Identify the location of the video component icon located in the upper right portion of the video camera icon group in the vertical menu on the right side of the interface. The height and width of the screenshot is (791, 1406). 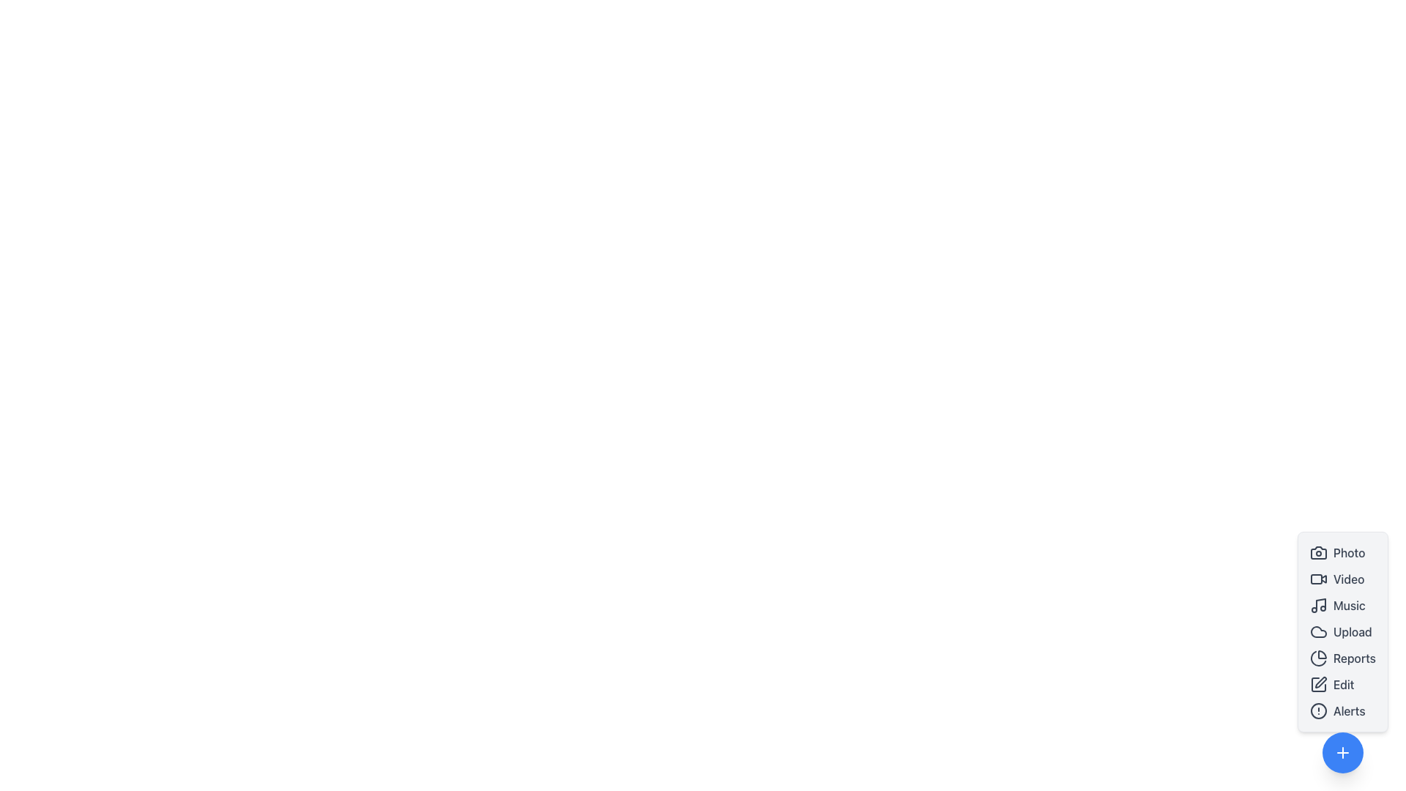
(1323, 578).